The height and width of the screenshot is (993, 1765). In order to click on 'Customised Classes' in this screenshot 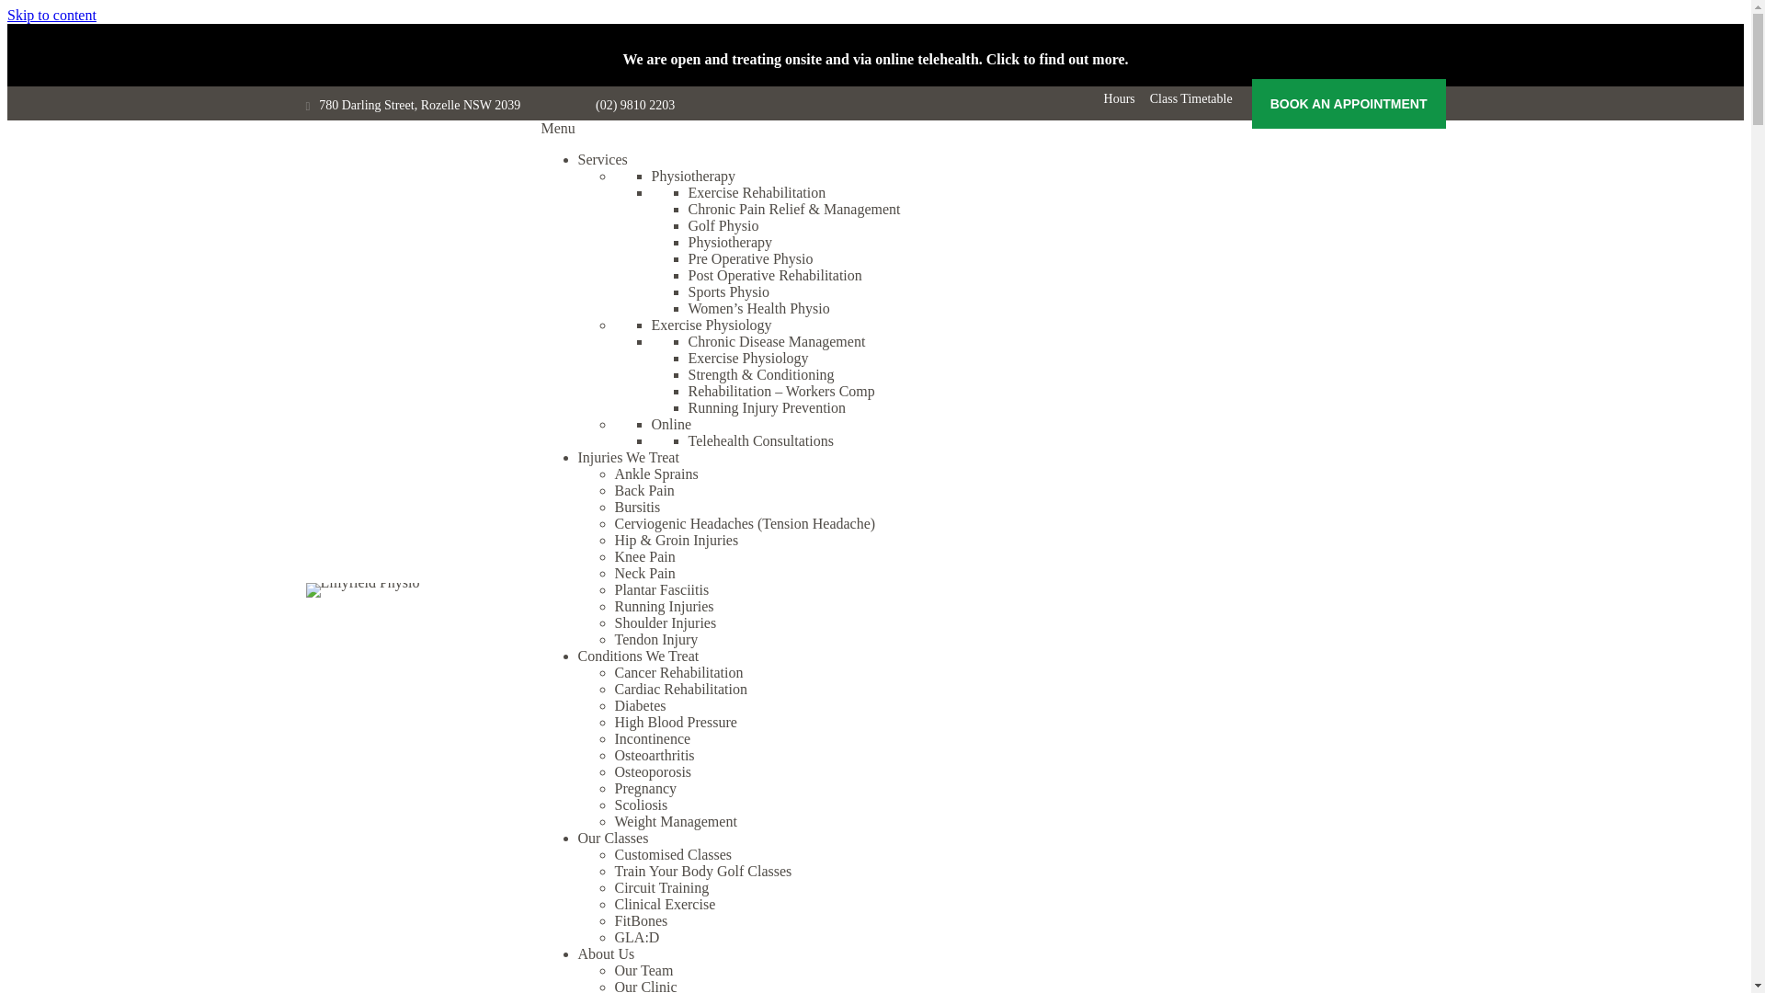, I will do `click(671, 854)`.